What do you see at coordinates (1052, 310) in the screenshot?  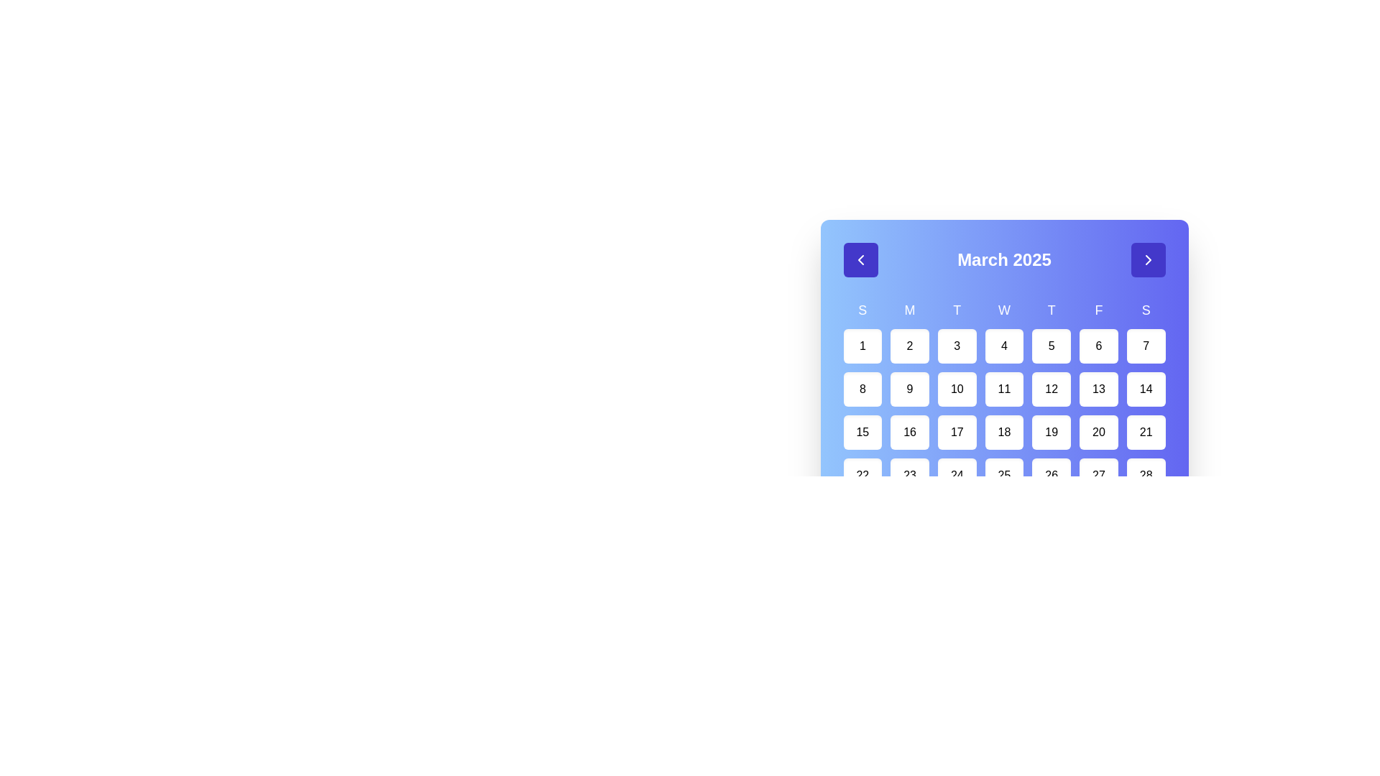 I see `the header label for Thursday in the calendar grid layout, which is located in the fifth column of the first row, between the labels 'W' and 'F'` at bounding box center [1052, 310].